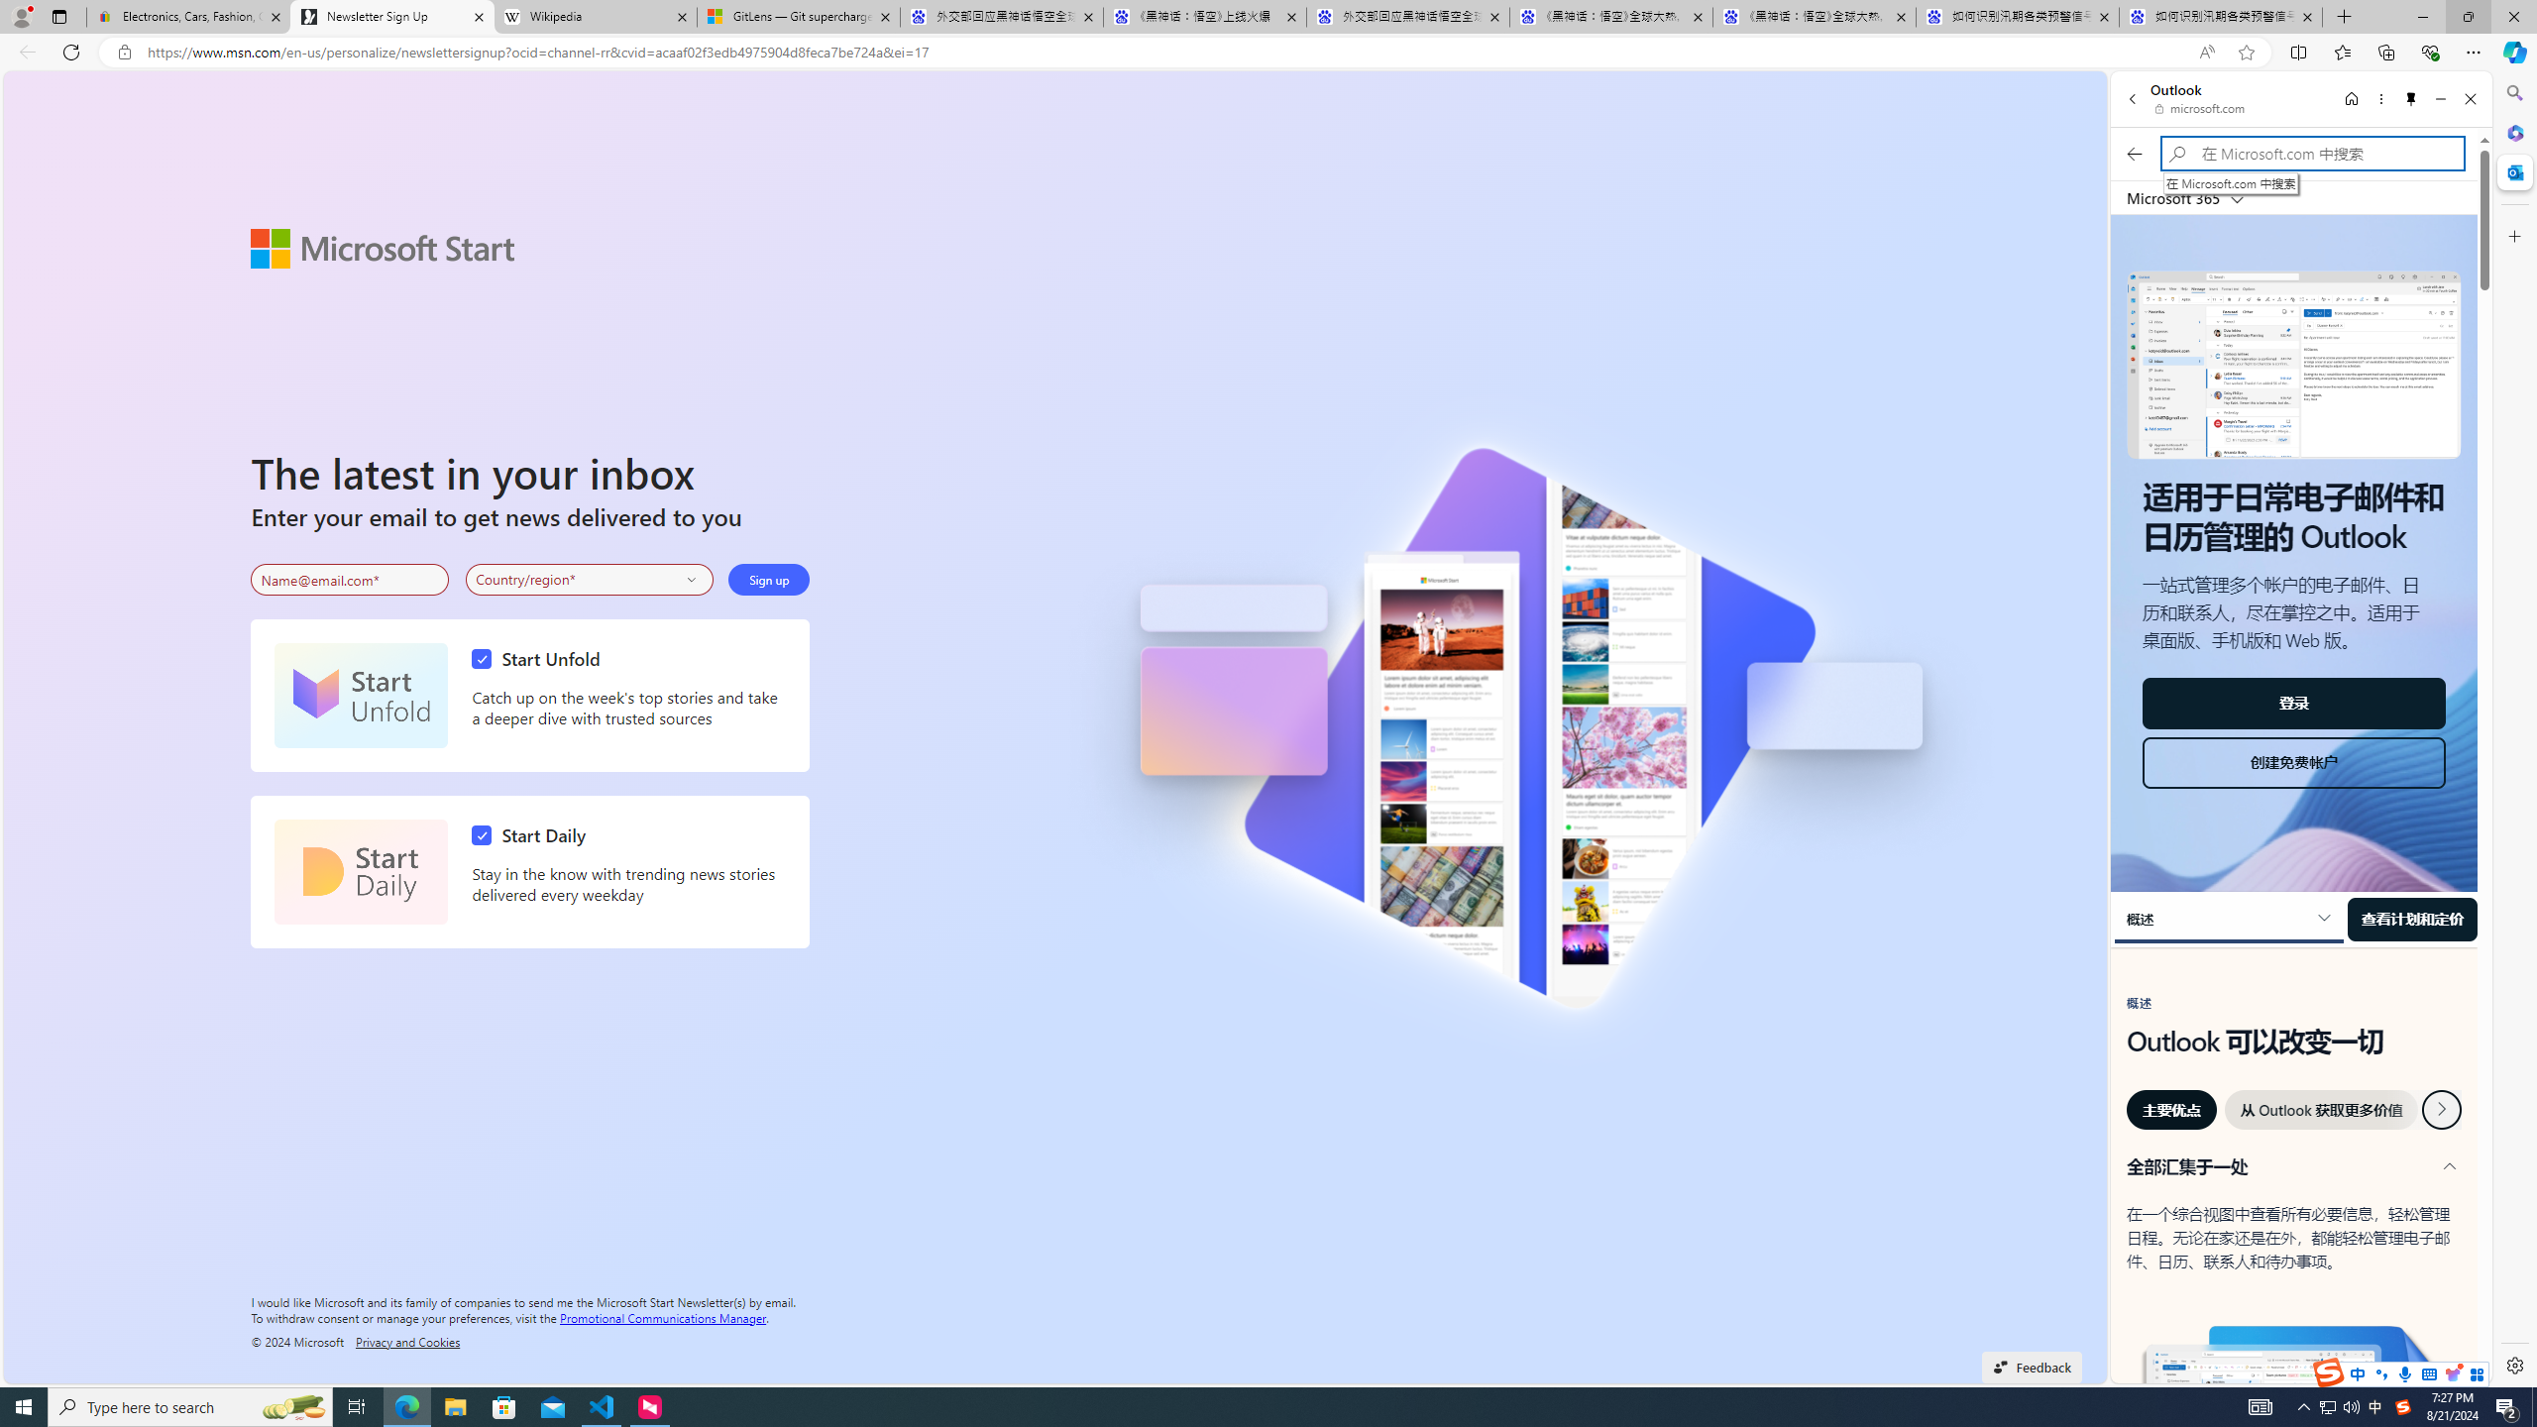 The image size is (2537, 1427). What do you see at coordinates (124, 53) in the screenshot?
I see `'View site information'` at bounding box center [124, 53].